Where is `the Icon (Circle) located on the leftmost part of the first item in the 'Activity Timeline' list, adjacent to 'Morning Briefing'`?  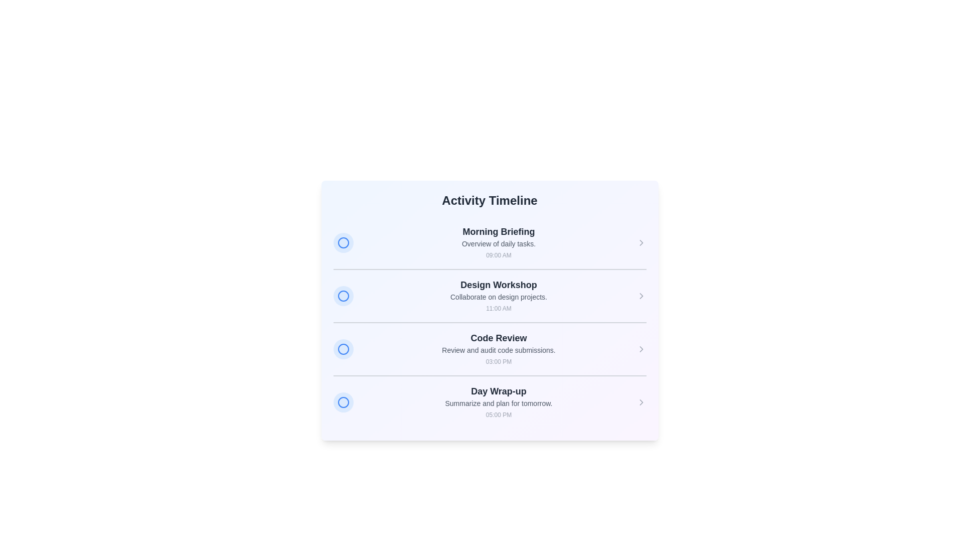
the Icon (Circle) located on the leftmost part of the first item in the 'Activity Timeline' list, adjacent to 'Morning Briefing' is located at coordinates (343, 242).